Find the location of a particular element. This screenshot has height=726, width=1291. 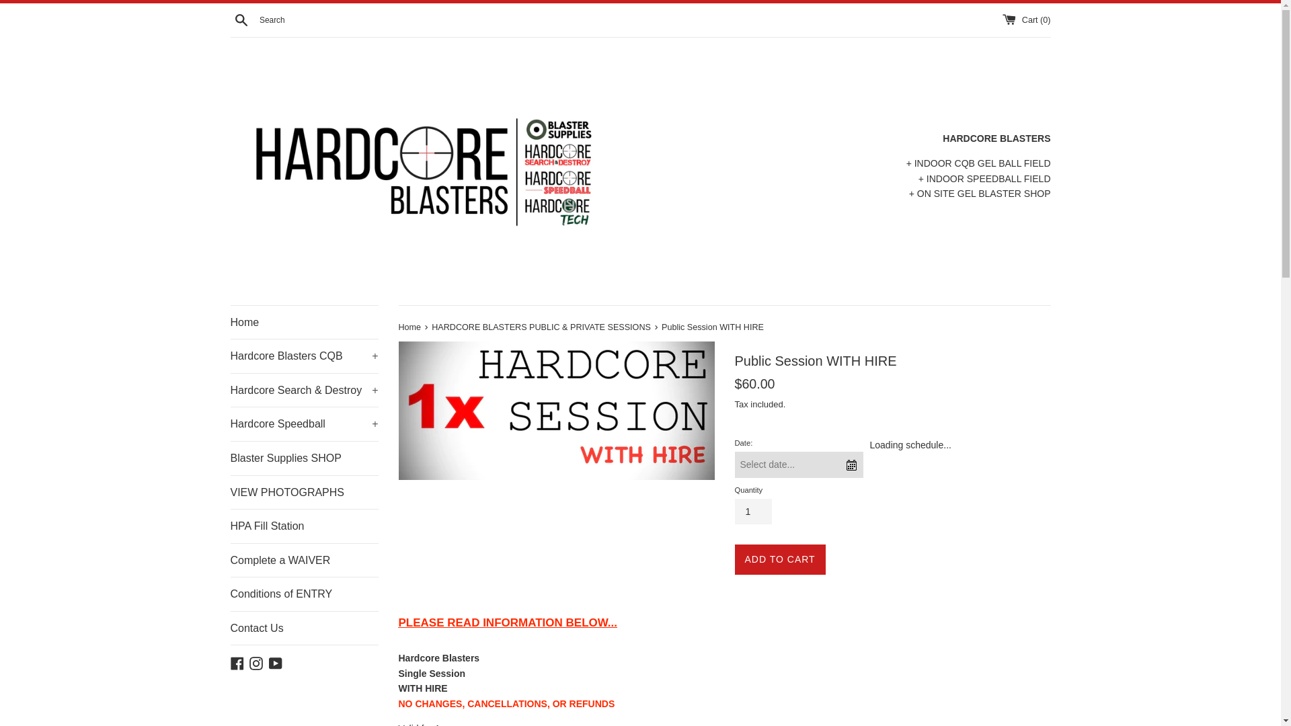

'Cart (0)' is located at coordinates (1003, 19).